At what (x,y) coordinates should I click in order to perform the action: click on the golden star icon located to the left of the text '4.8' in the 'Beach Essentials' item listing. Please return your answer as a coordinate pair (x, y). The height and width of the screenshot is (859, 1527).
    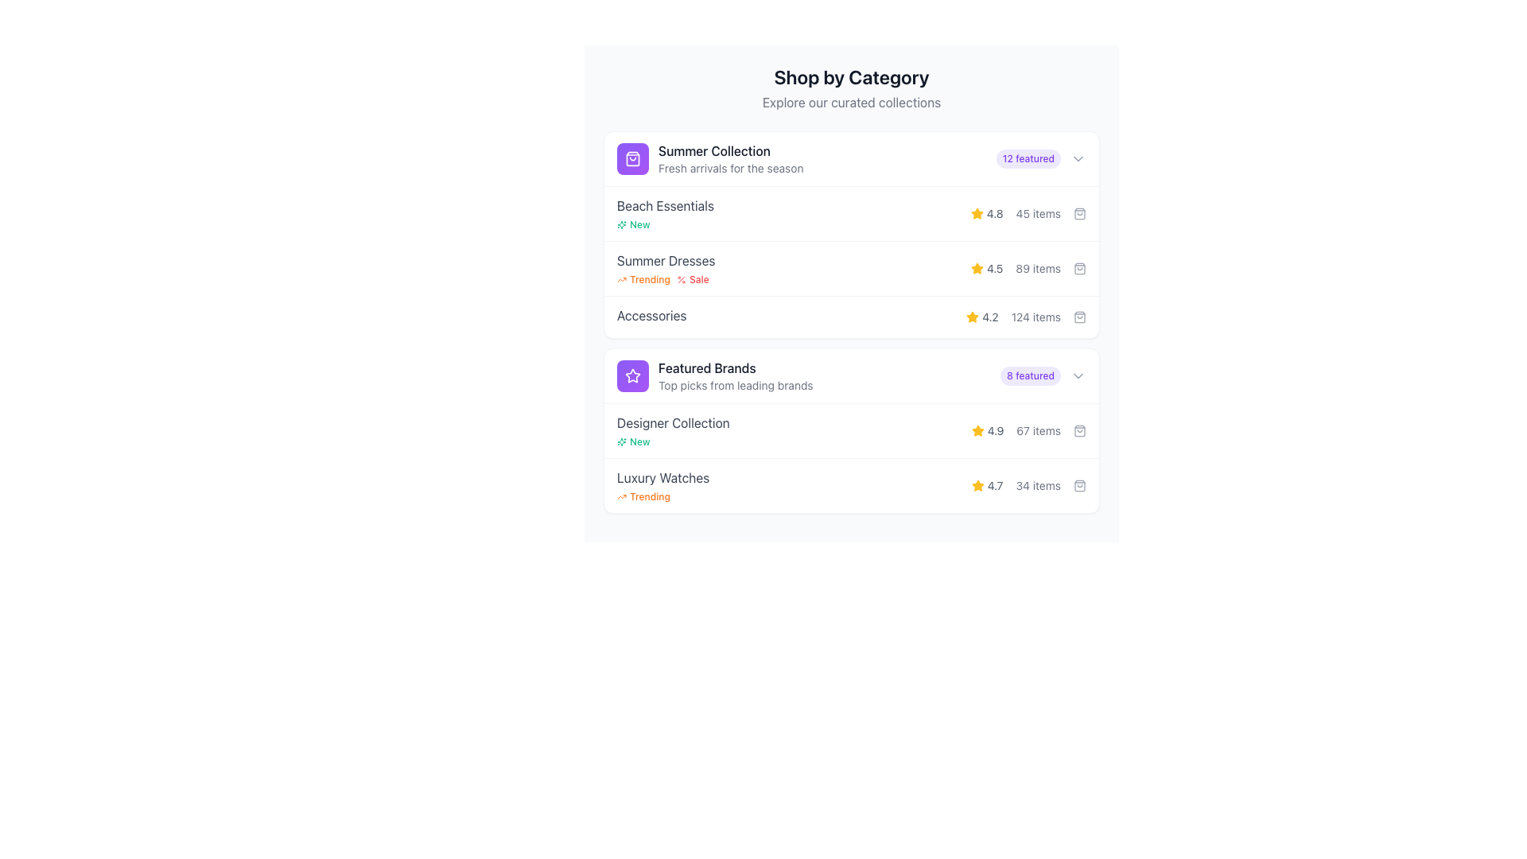
    Looking at the image, I should click on (976, 213).